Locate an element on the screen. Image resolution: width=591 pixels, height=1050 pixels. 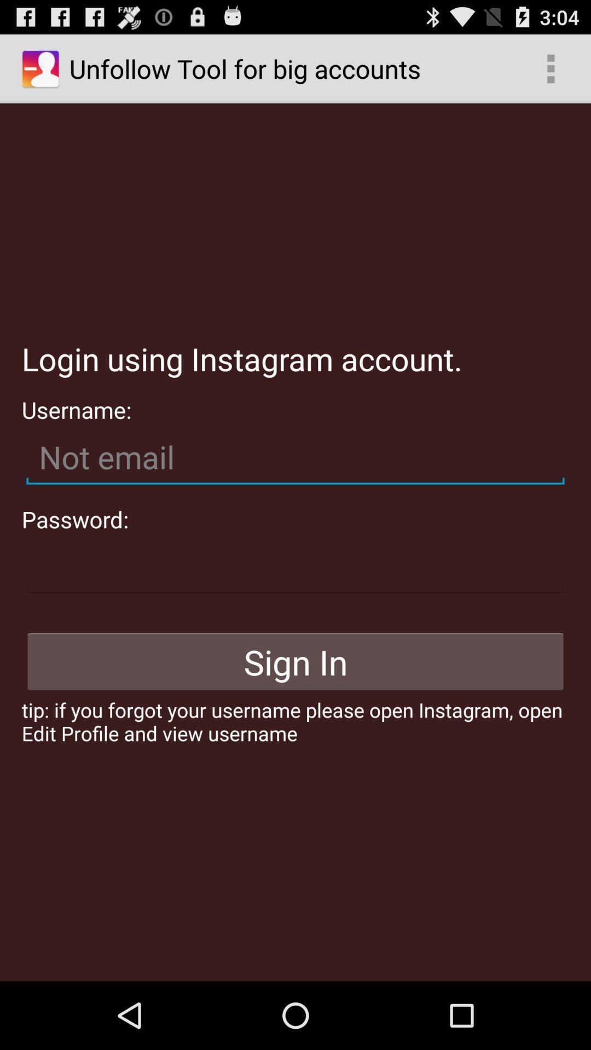
app to the right of unfollow tool for item is located at coordinates (551, 68).